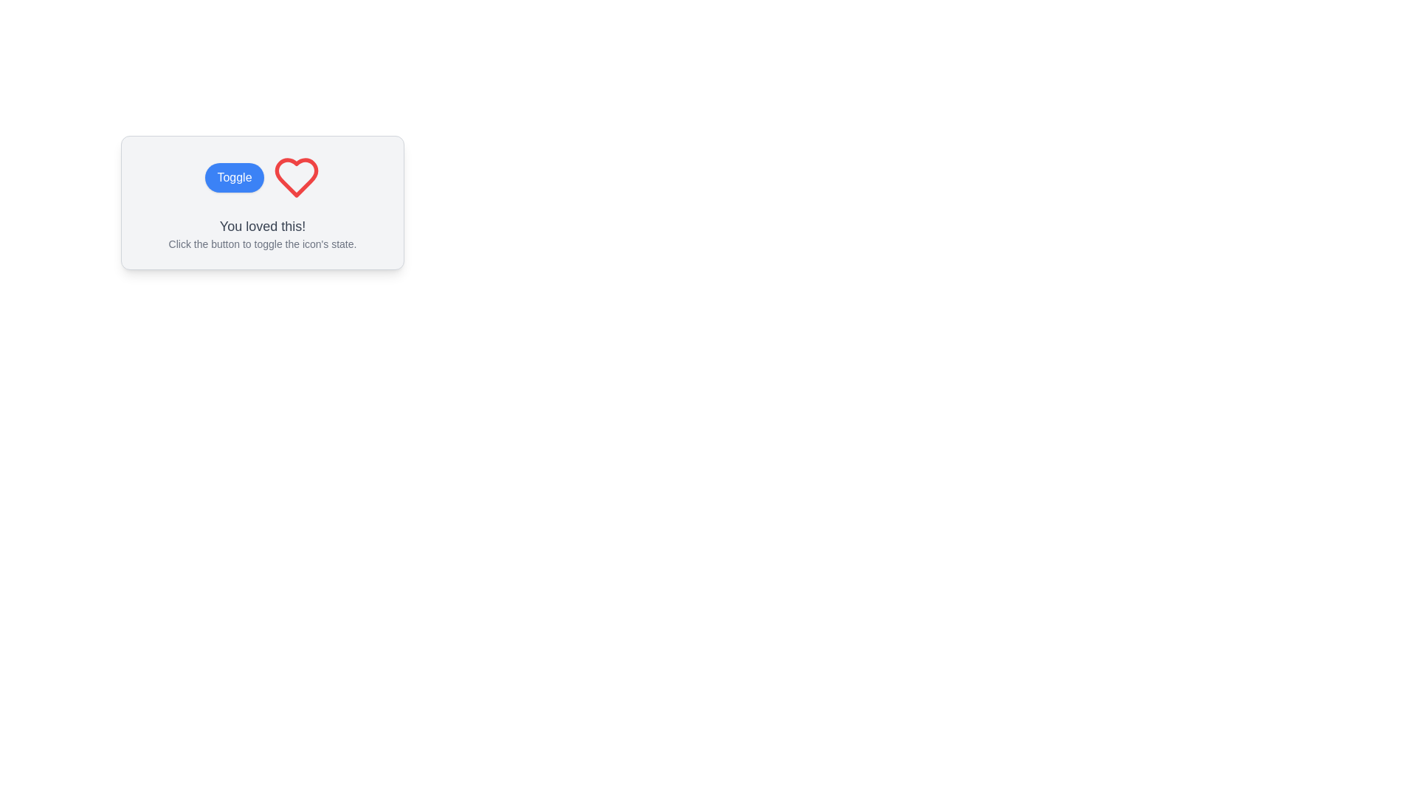 The width and height of the screenshot is (1417, 797). I want to click on the rounded rectangular blue button labeled 'Toggle', so click(233, 176).